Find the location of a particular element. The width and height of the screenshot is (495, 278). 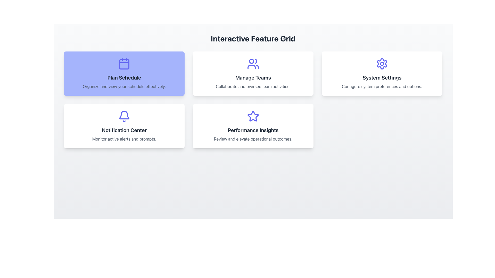

the text label reading 'Configure system preferences and options' located in the 'System Settings' section, positioned at the bottom center beneath the 'System Settings' title is located at coordinates (382, 86).